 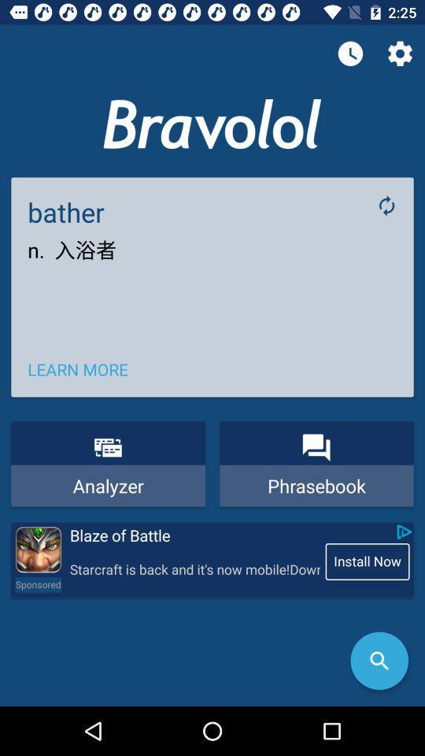 What do you see at coordinates (38, 550) in the screenshot?
I see `advertisement install app` at bounding box center [38, 550].